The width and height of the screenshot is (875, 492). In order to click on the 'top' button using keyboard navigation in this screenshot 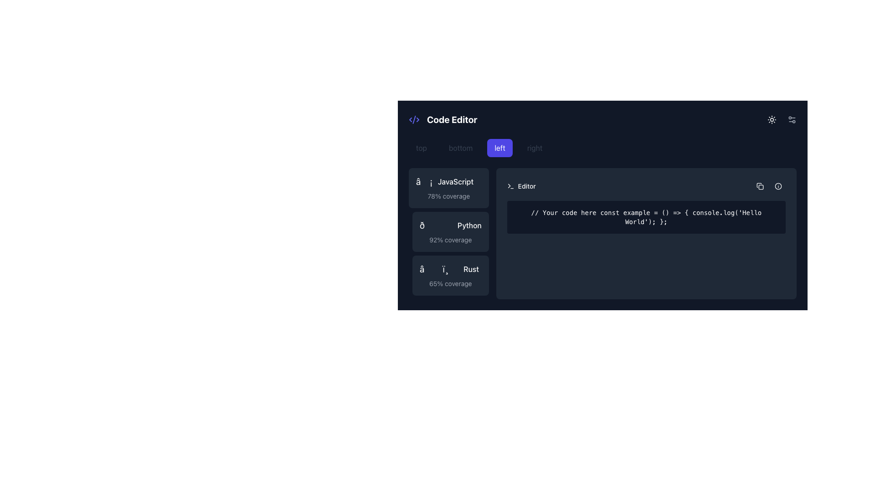, I will do `click(421, 147)`.